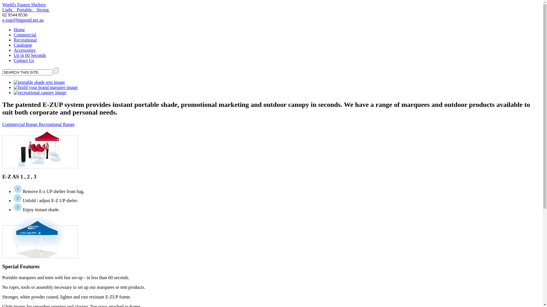 This screenshot has height=307, width=547. What do you see at coordinates (14, 40) in the screenshot?
I see `'Recreational'` at bounding box center [14, 40].